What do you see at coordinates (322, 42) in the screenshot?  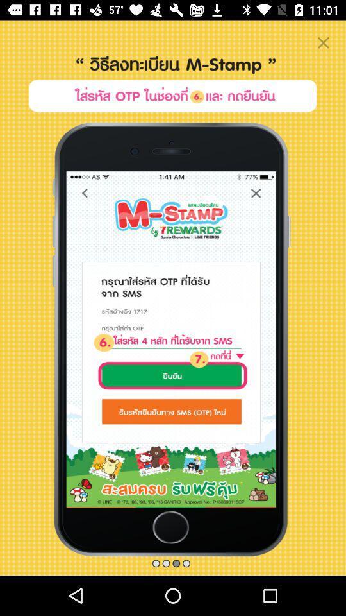 I see `window` at bounding box center [322, 42].